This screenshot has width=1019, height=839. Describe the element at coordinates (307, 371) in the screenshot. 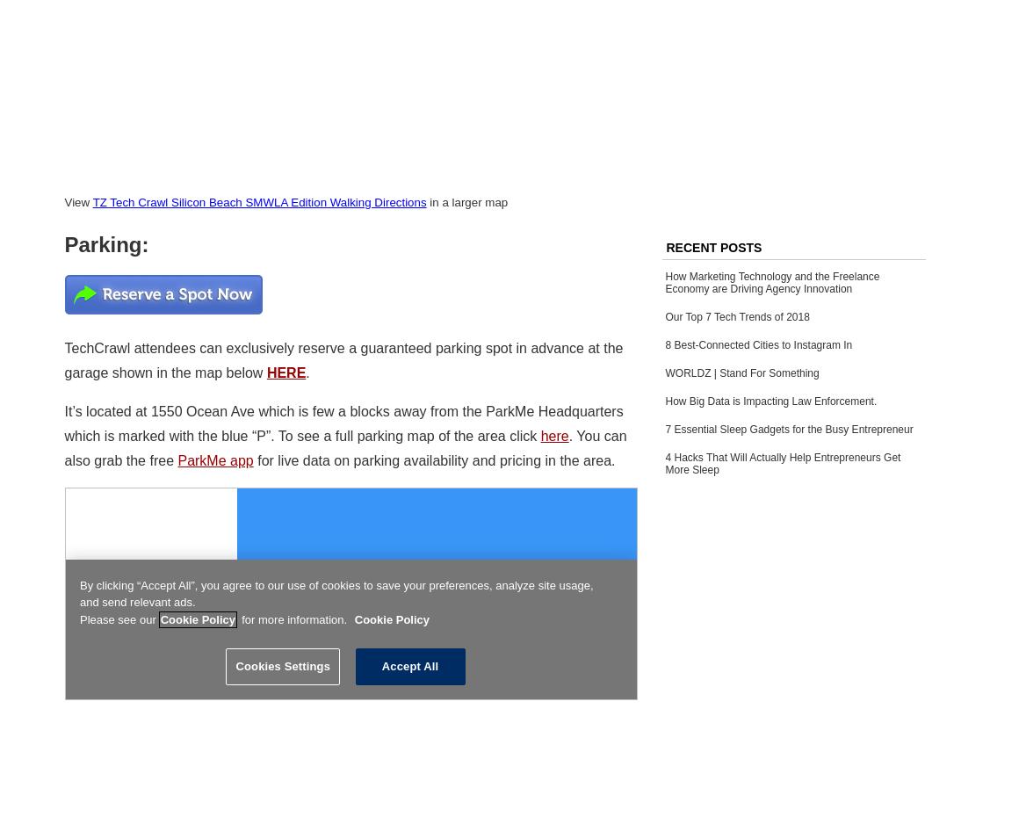

I see `'.'` at that location.